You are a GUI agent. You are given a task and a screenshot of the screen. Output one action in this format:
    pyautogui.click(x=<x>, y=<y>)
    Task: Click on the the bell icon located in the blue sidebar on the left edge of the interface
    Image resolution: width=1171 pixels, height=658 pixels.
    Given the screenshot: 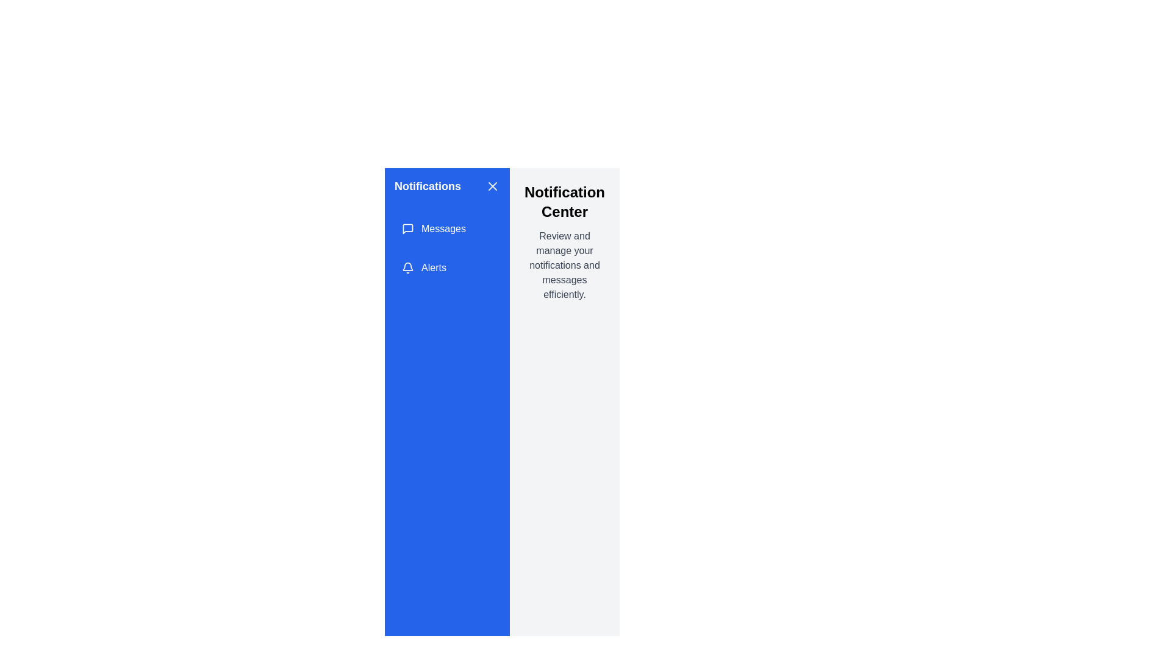 What is the action you would take?
    pyautogui.click(x=407, y=267)
    